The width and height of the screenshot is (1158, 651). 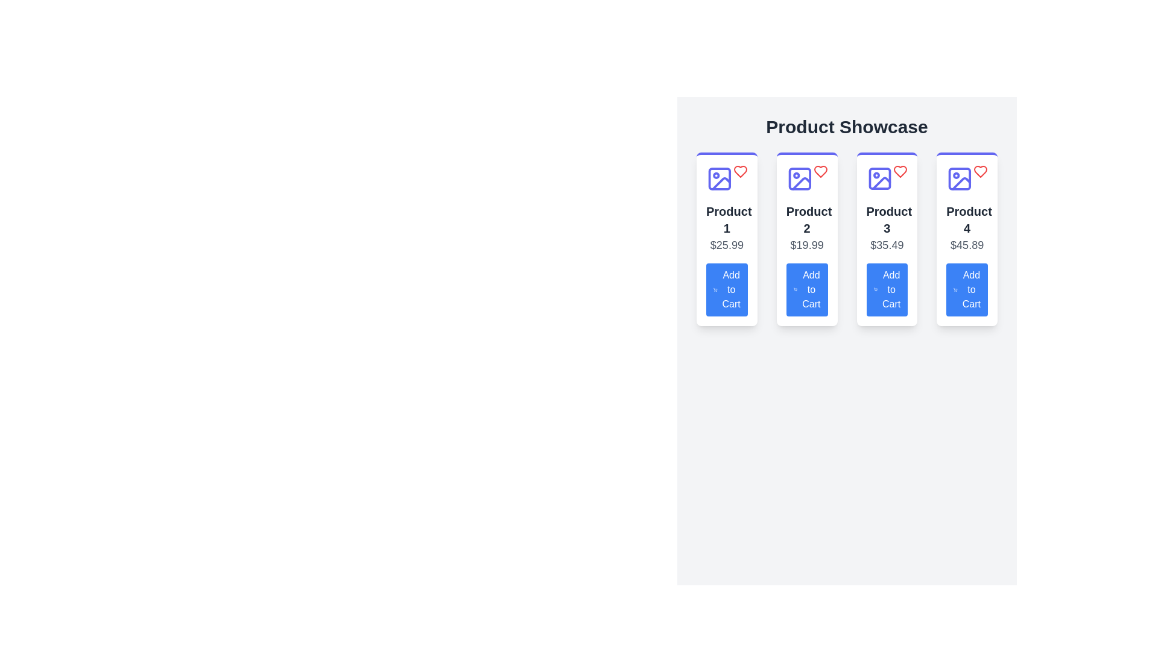 What do you see at coordinates (879, 179) in the screenshot?
I see `the product image placeholder icon for 'Product 3', located centrally at the top of the card layout, adjacent to the heart icon` at bounding box center [879, 179].